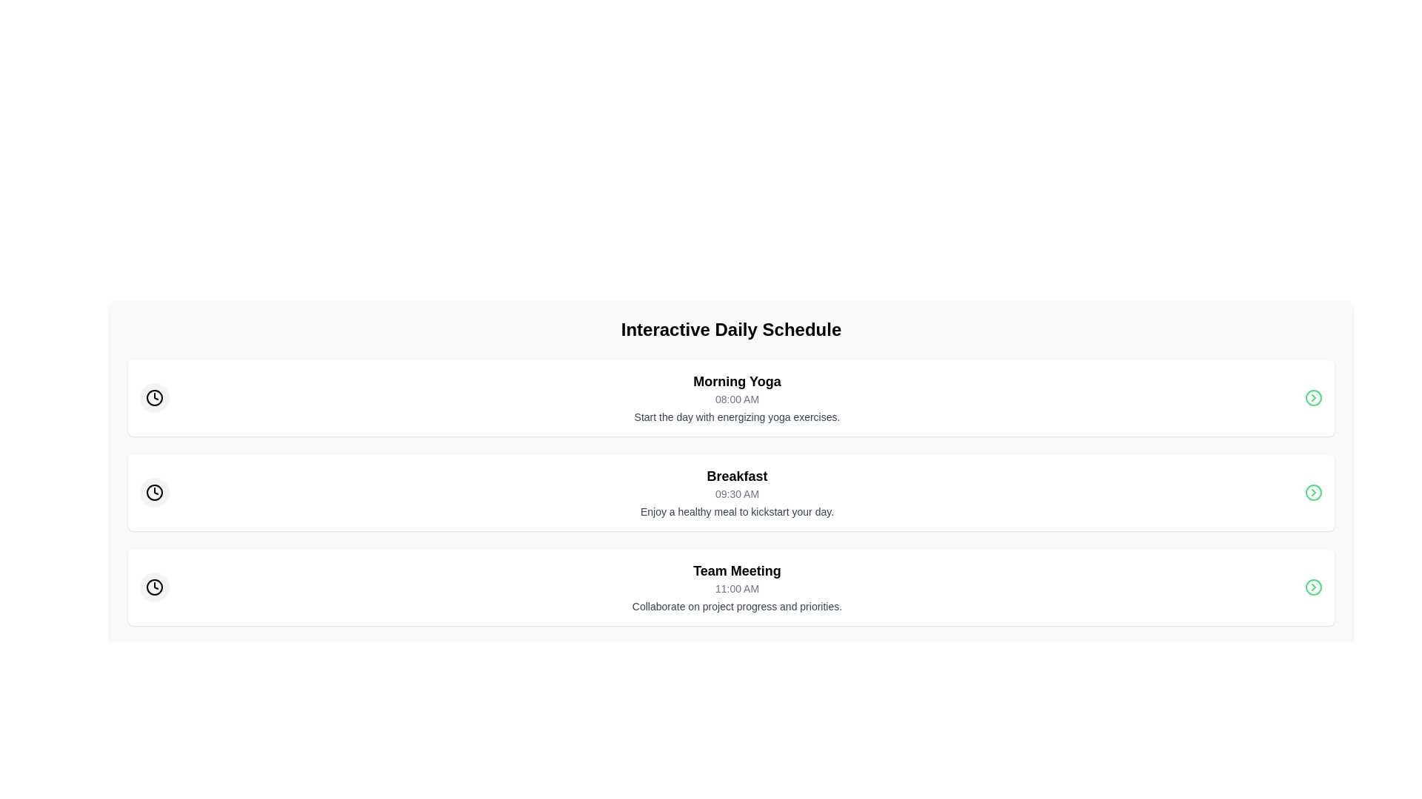 This screenshot has height=799, width=1422. What do you see at coordinates (737, 417) in the screenshot?
I see `the text label reading 'Start the day with energizing yoga exercises.' located below the title 'Morning Yoga' and the time '08:00 AM.'` at bounding box center [737, 417].